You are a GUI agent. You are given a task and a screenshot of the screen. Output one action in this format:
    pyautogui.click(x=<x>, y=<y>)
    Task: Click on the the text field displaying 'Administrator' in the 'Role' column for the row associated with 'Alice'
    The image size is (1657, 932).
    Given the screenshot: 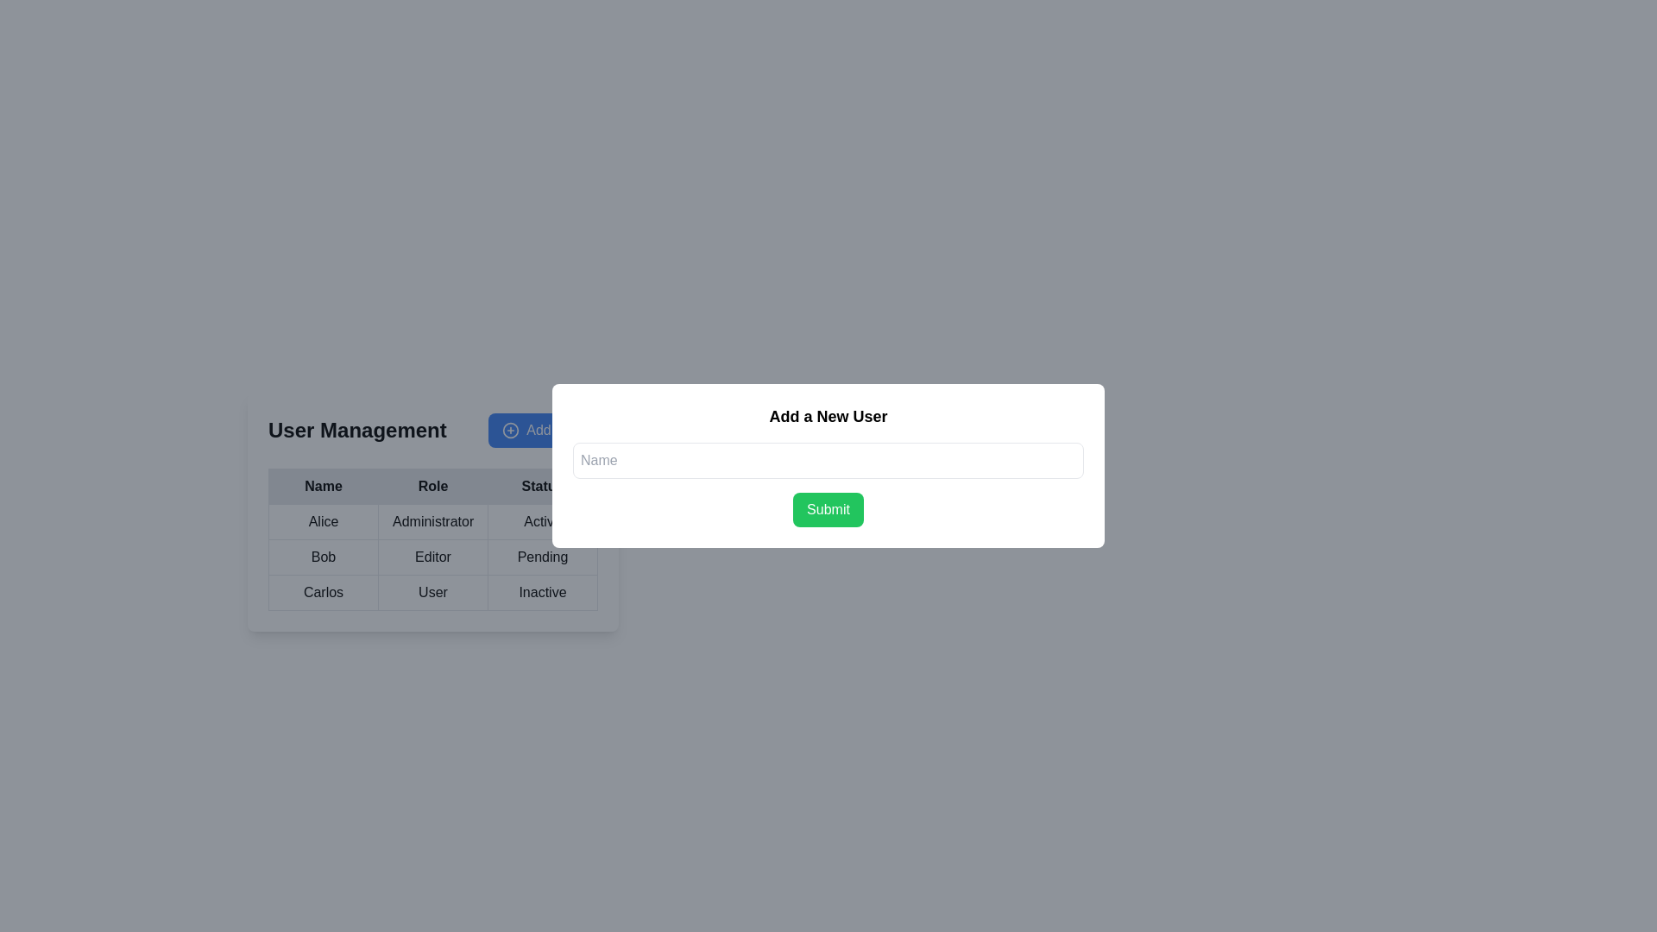 What is the action you would take?
    pyautogui.click(x=433, y=521)
    